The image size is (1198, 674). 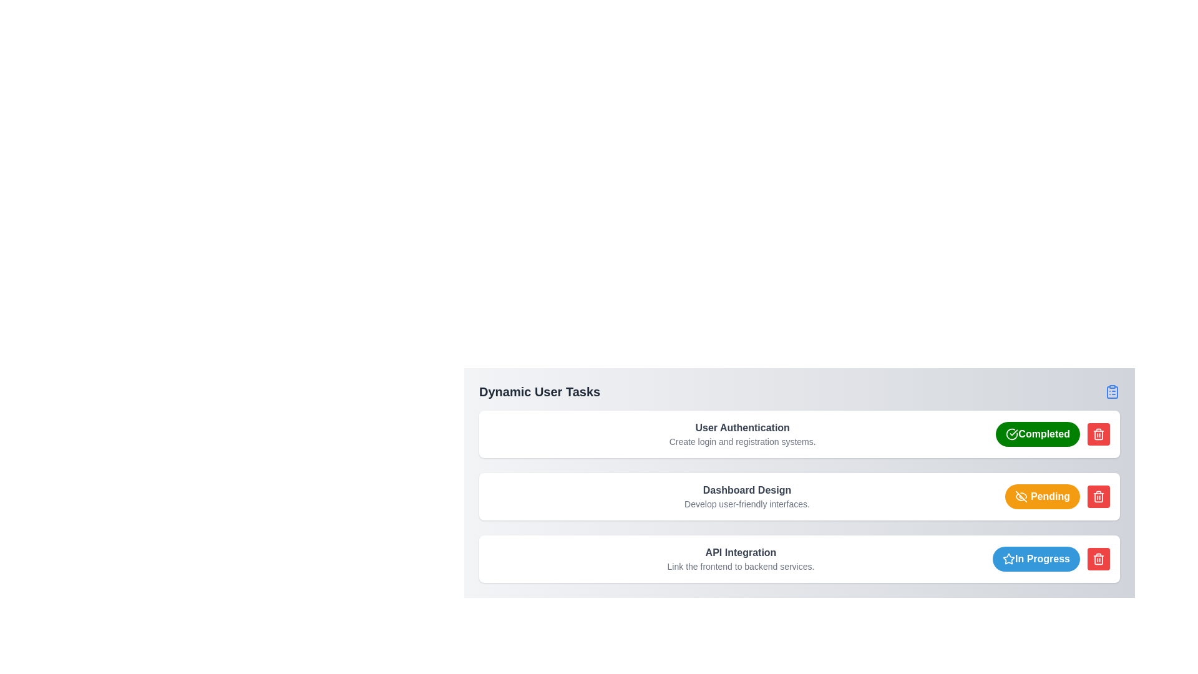 What do you see at coordinates (1099, 433) in the screenshot?
I see `the delete icon button located adjacent to the green 'Completed' status label on the topmost task in the vertical list` at bounding box center [1099, 433].